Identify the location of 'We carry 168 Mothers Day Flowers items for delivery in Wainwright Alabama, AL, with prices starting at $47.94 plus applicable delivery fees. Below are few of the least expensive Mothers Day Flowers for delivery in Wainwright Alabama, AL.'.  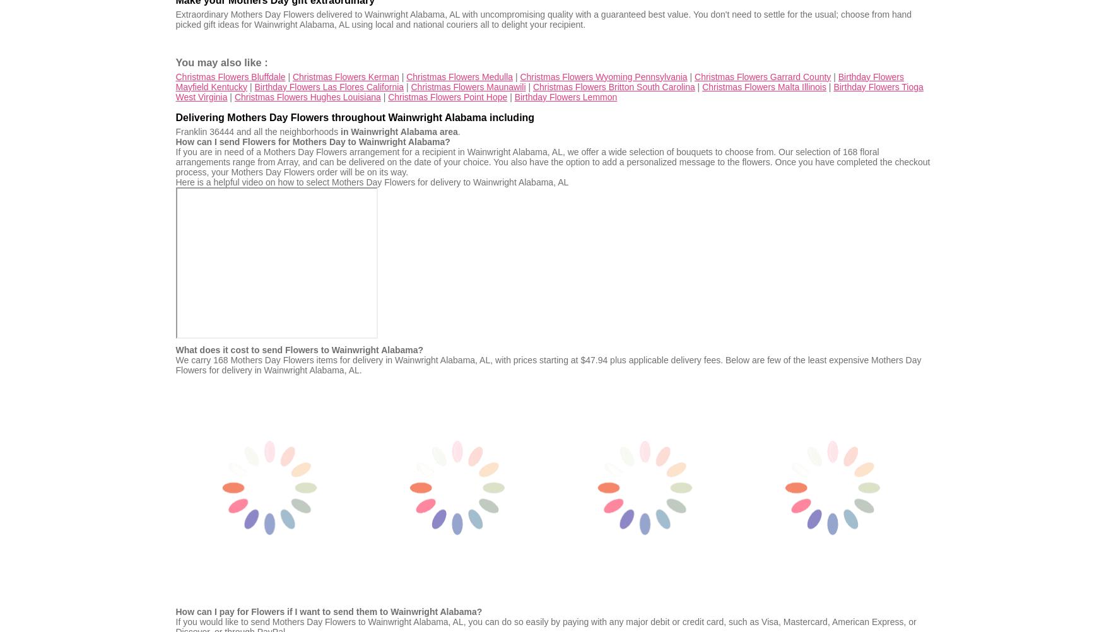
(548, 364).